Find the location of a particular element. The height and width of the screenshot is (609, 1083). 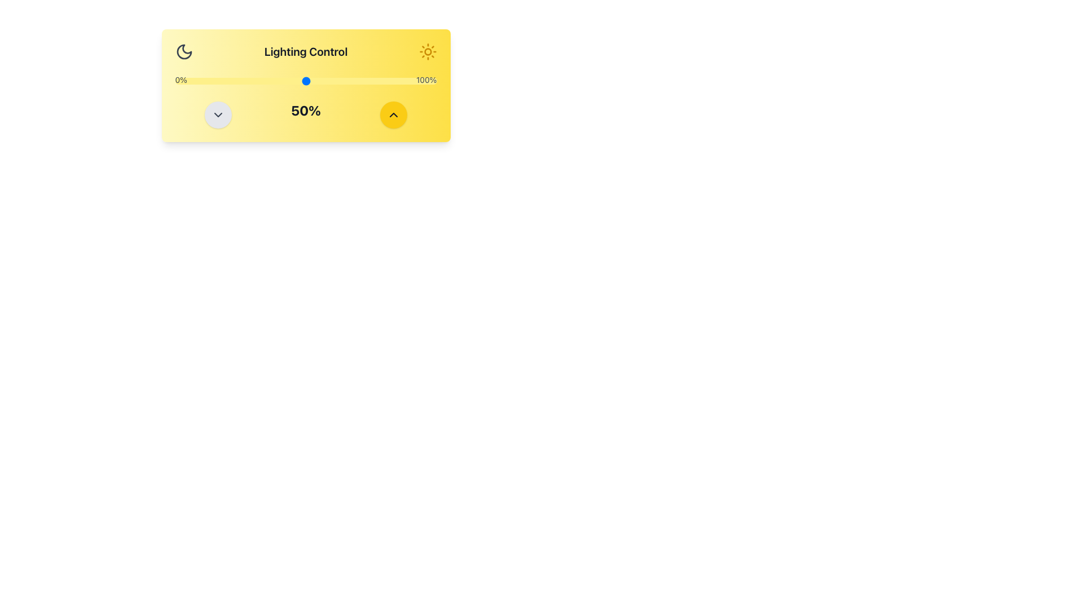

the lighting intensity is located at coordinates (337, 80).